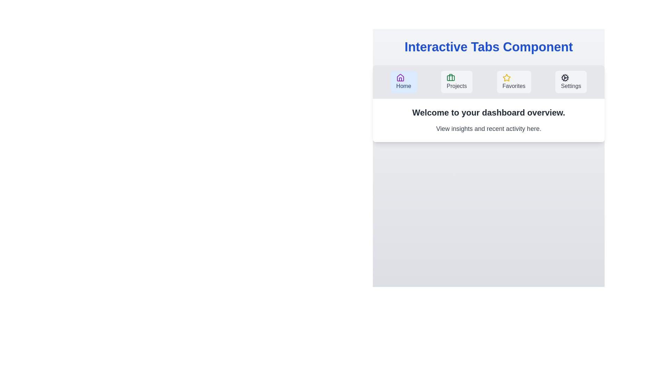 The width and height of the screenshot is (671, 377). What do you see at coordinates (404, 82) in the screenshot?
I see `the Home tab to activate it` at bounding box center [404, 82].